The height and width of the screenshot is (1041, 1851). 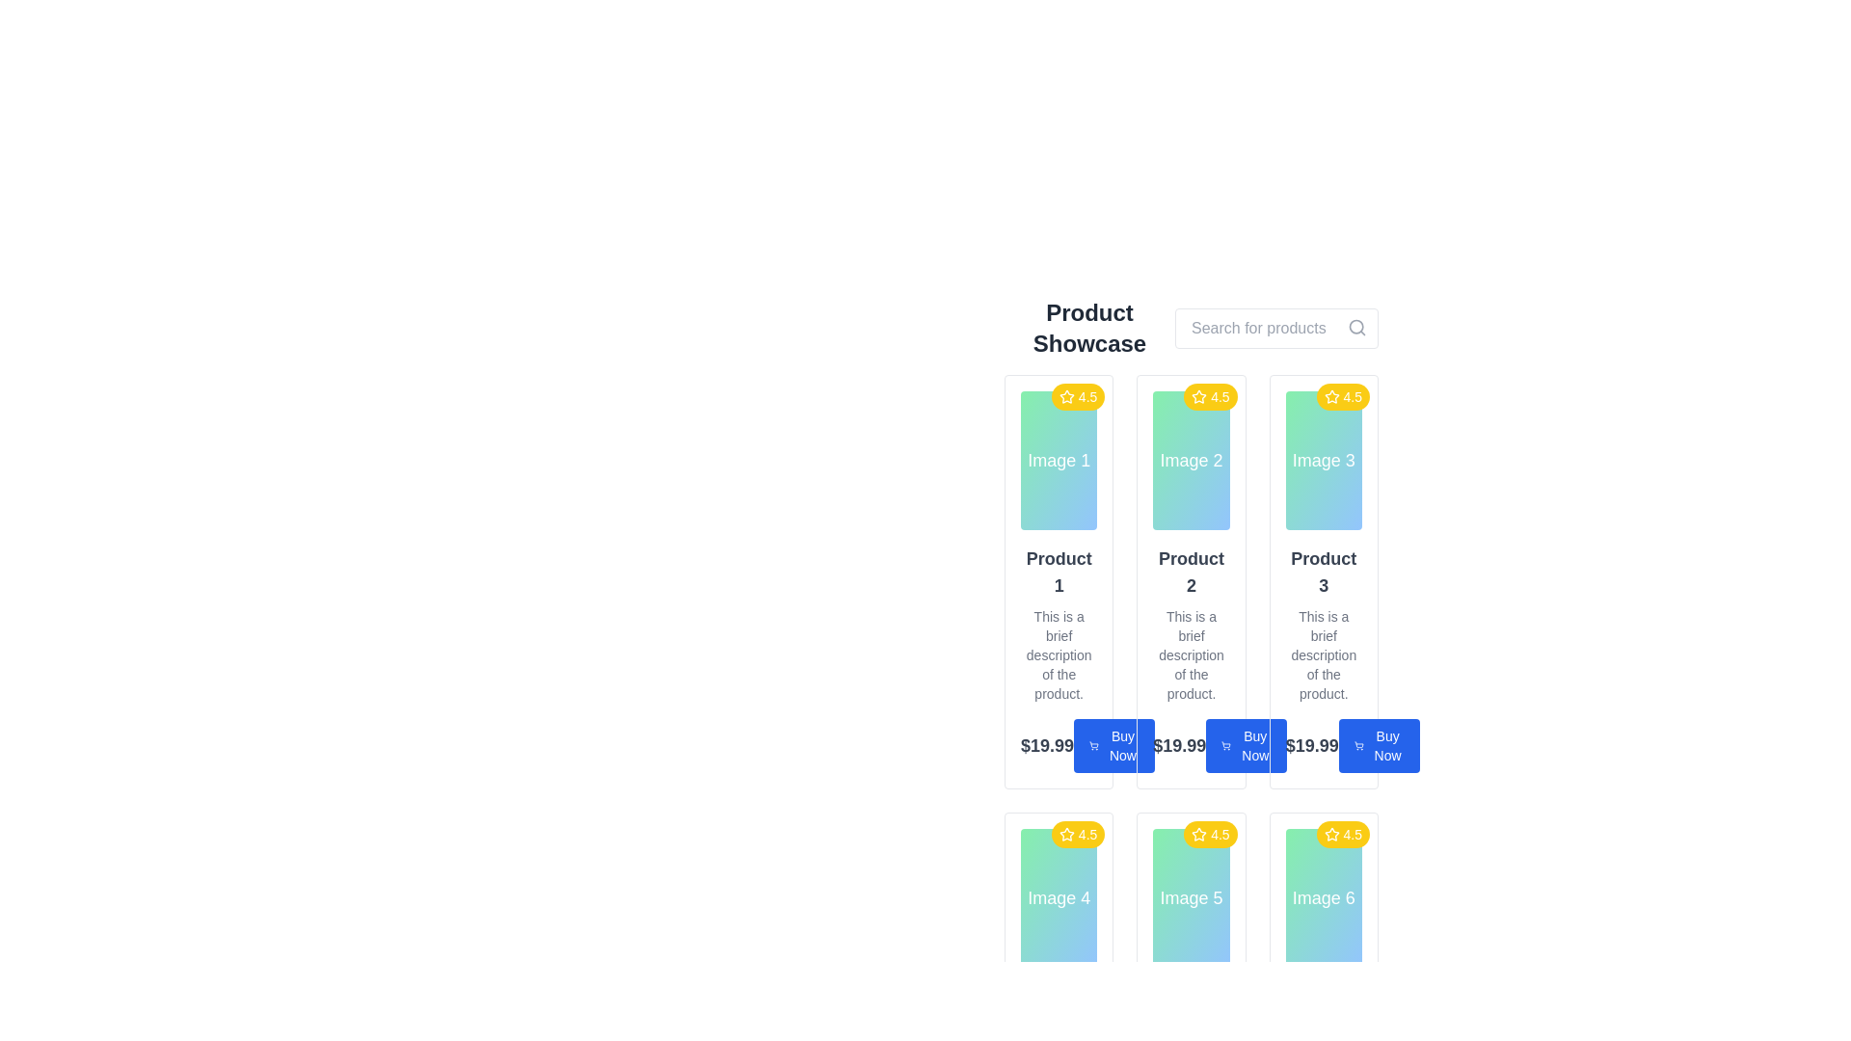 What do you see at coordinates (1065, 834) in the screenshot?
I see `the star-shaped icon with a yellow background located in the top-right corner of the product card` at bounding box center [1065, 834].